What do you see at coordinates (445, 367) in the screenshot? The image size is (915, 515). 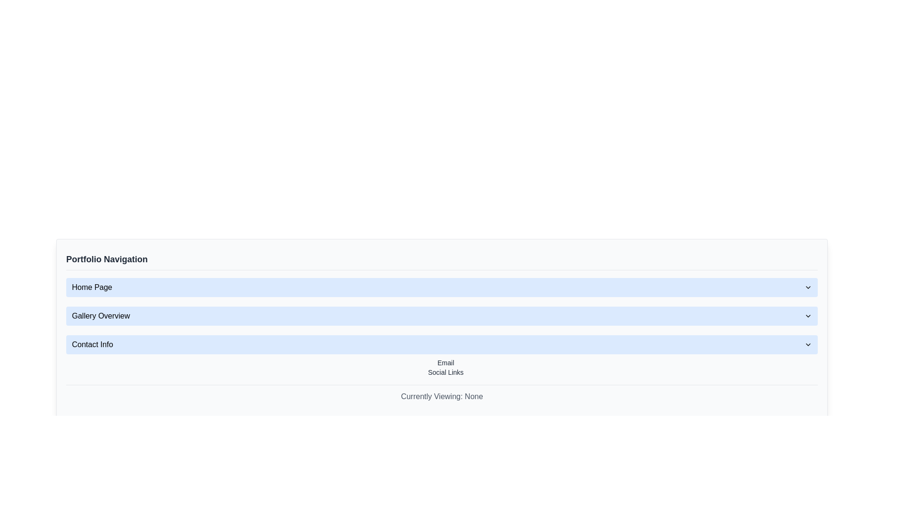 I see `the specific links within the 'Email' and 'Social Links' text block located at the bottom of the 'Contact Info' section` at bounding box center [445, 367].